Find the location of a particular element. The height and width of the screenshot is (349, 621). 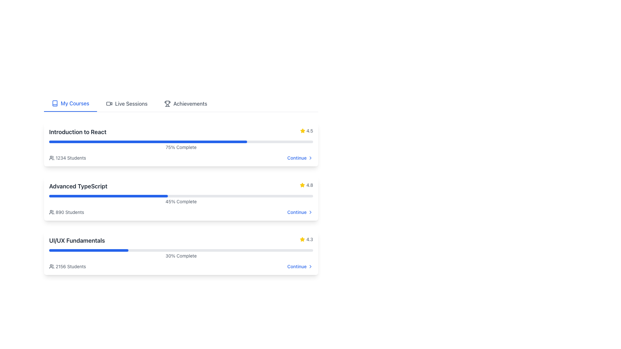

the gray-colored text label reading '30% Complete' which indicates progress in the 'UI/UX Fundamentals' section above the progress bar is located at coordinates (181, 255).